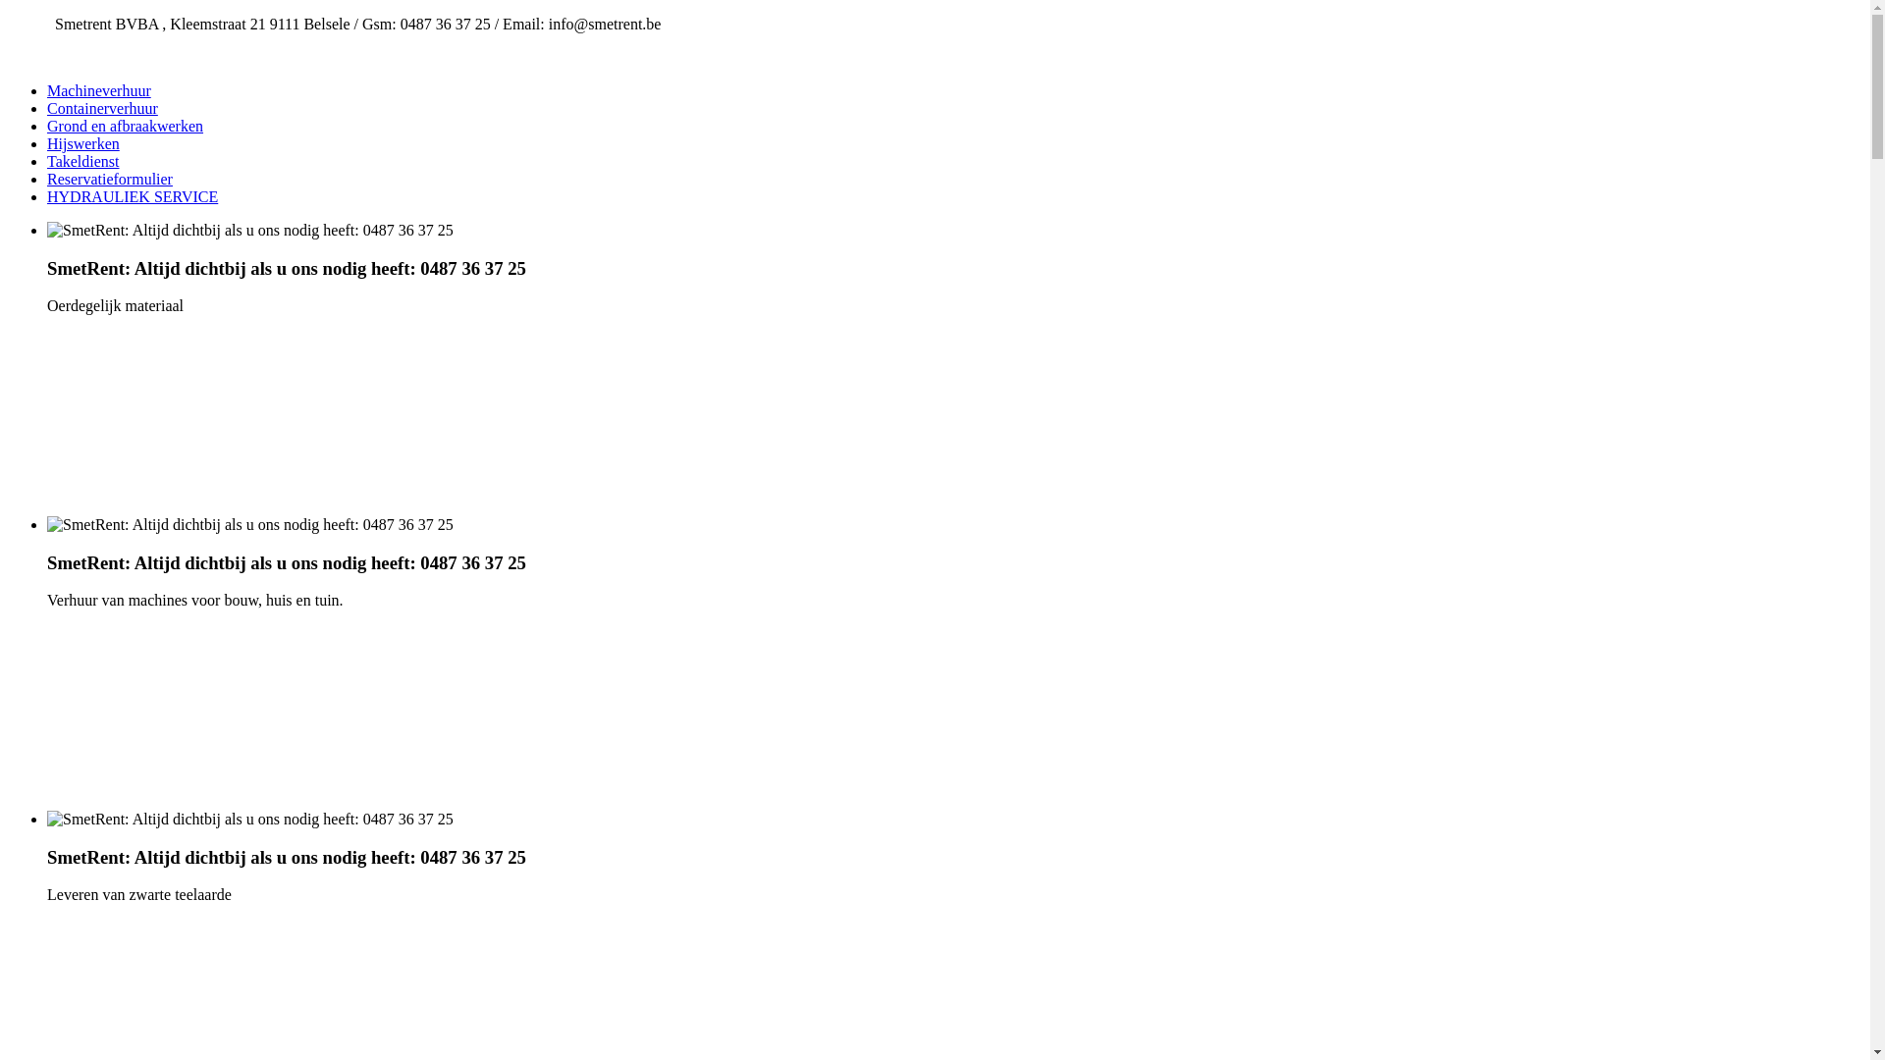  Describe the element at coordinates (124, 126) in the screenshot. I see `'Grond en afbraakwerken'` at that location.